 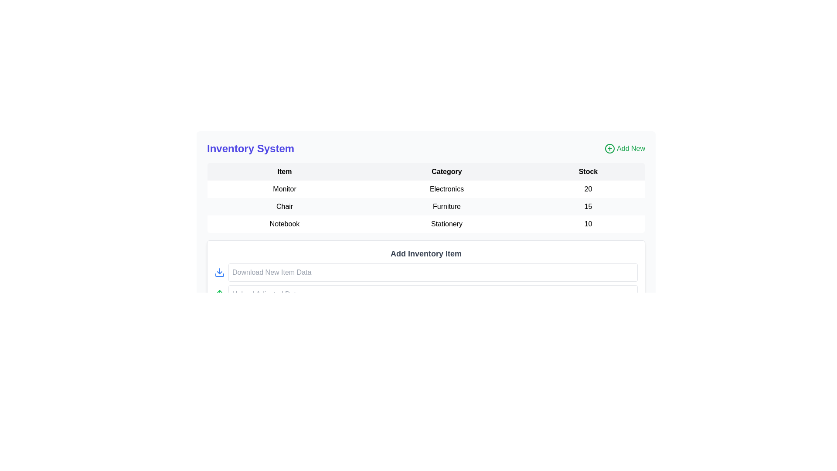 What do you see at coordinates (220, 275) in the screenshot?
I see `the lower part of the download symbol icon, which is a horizontal, rounded bottom rectangle outlined in blue` at bounding box center [220, 275].